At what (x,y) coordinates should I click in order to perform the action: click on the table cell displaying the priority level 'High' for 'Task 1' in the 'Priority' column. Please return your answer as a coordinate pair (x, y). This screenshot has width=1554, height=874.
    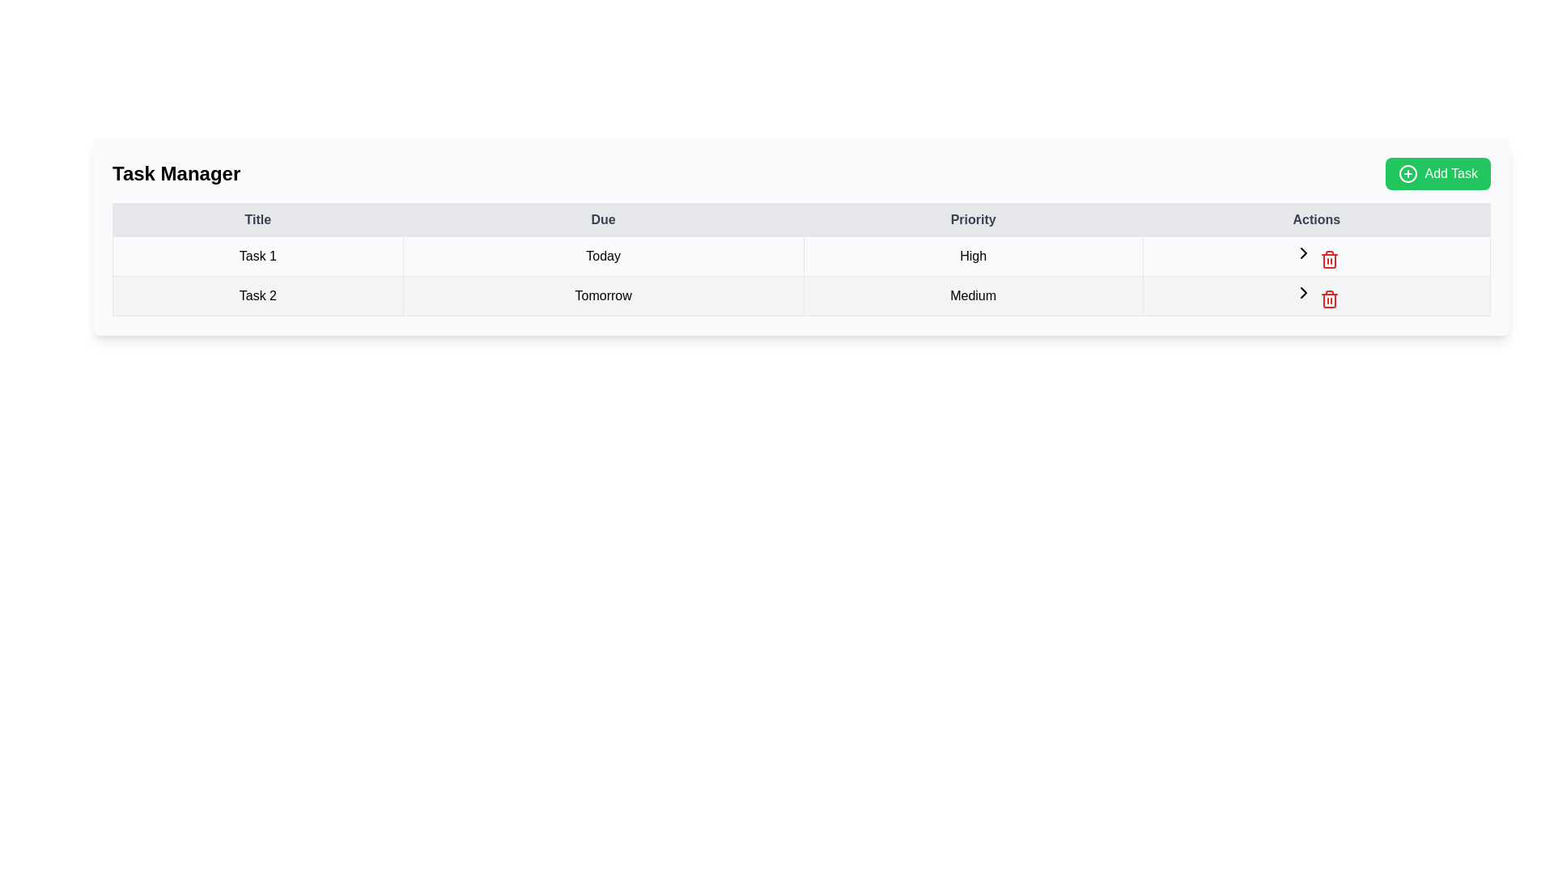
    Looking at the image, I should click on (972, 255).